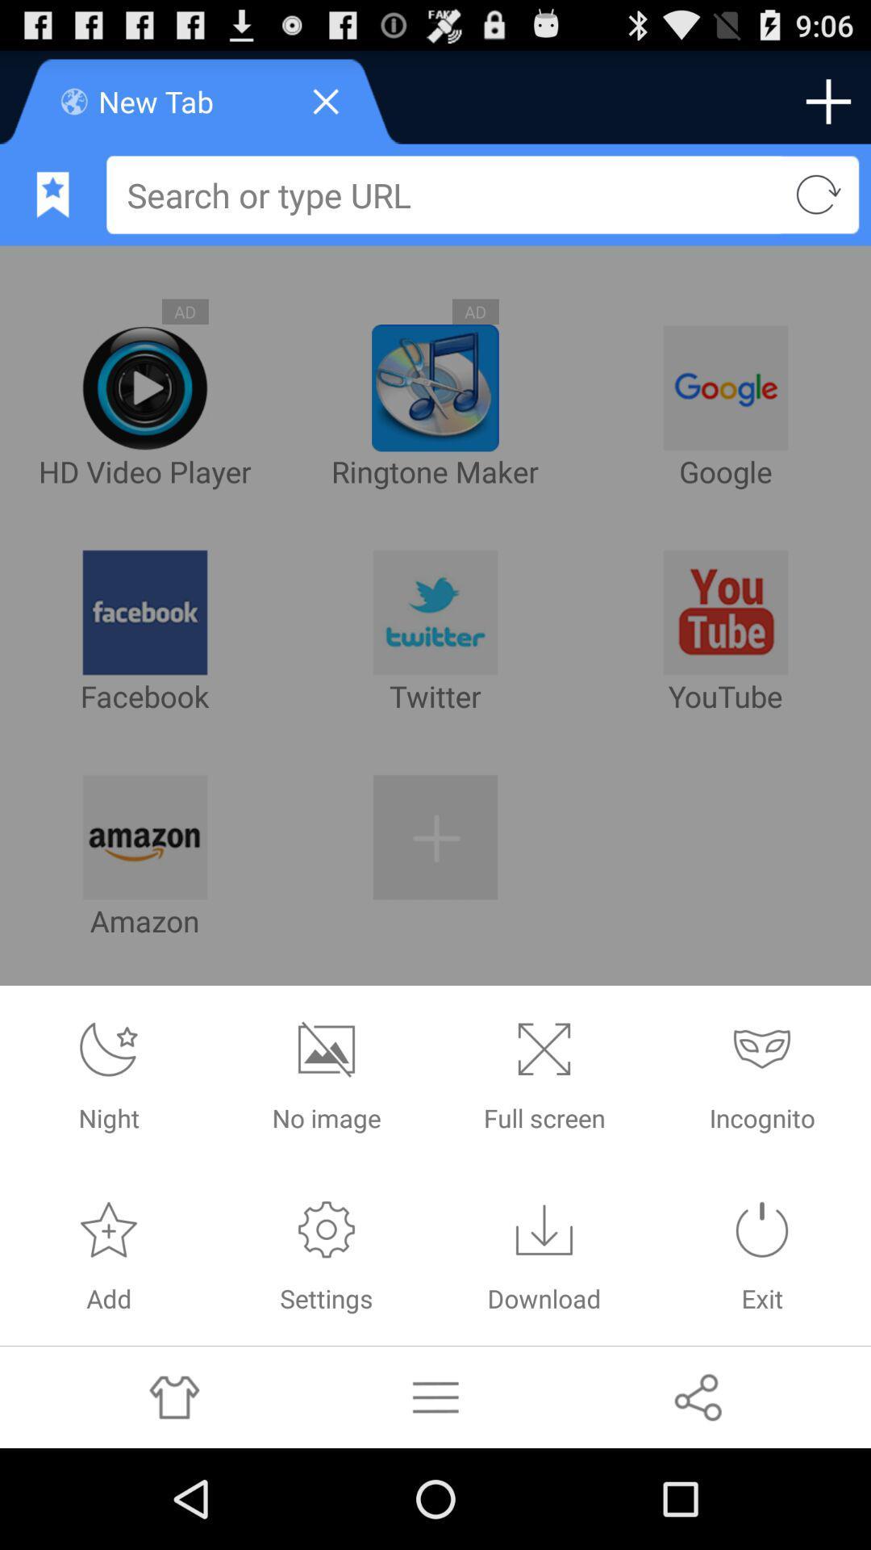 Image resolution: width=871 pixels, height=1550 pixels. I want to click on the bookmark icon, so click(52, 207).